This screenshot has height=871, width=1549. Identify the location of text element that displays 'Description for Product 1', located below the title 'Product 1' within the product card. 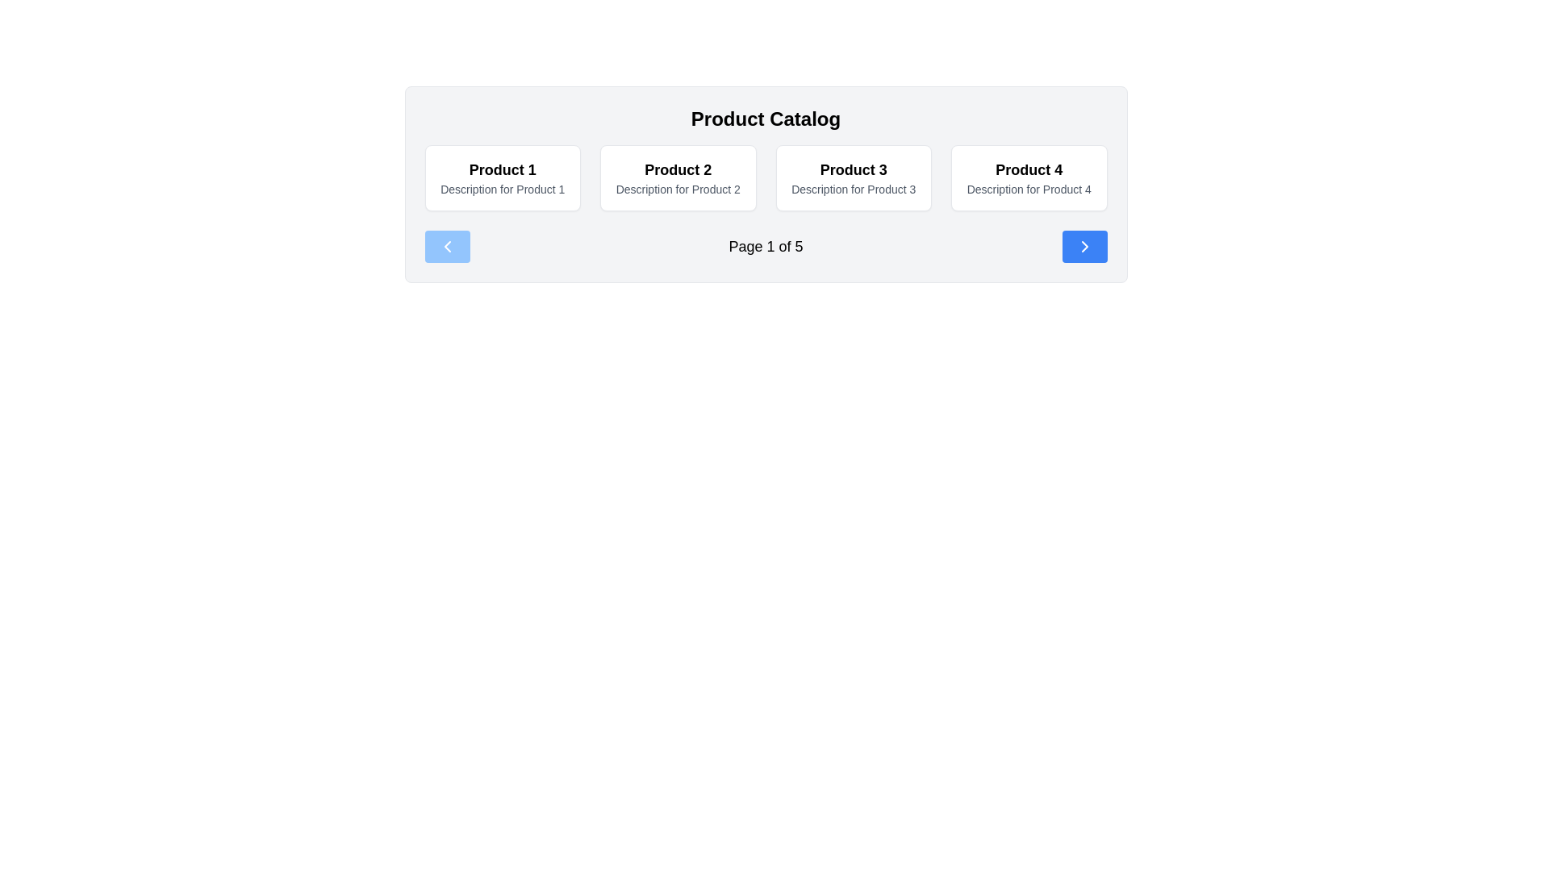
(502, 189).